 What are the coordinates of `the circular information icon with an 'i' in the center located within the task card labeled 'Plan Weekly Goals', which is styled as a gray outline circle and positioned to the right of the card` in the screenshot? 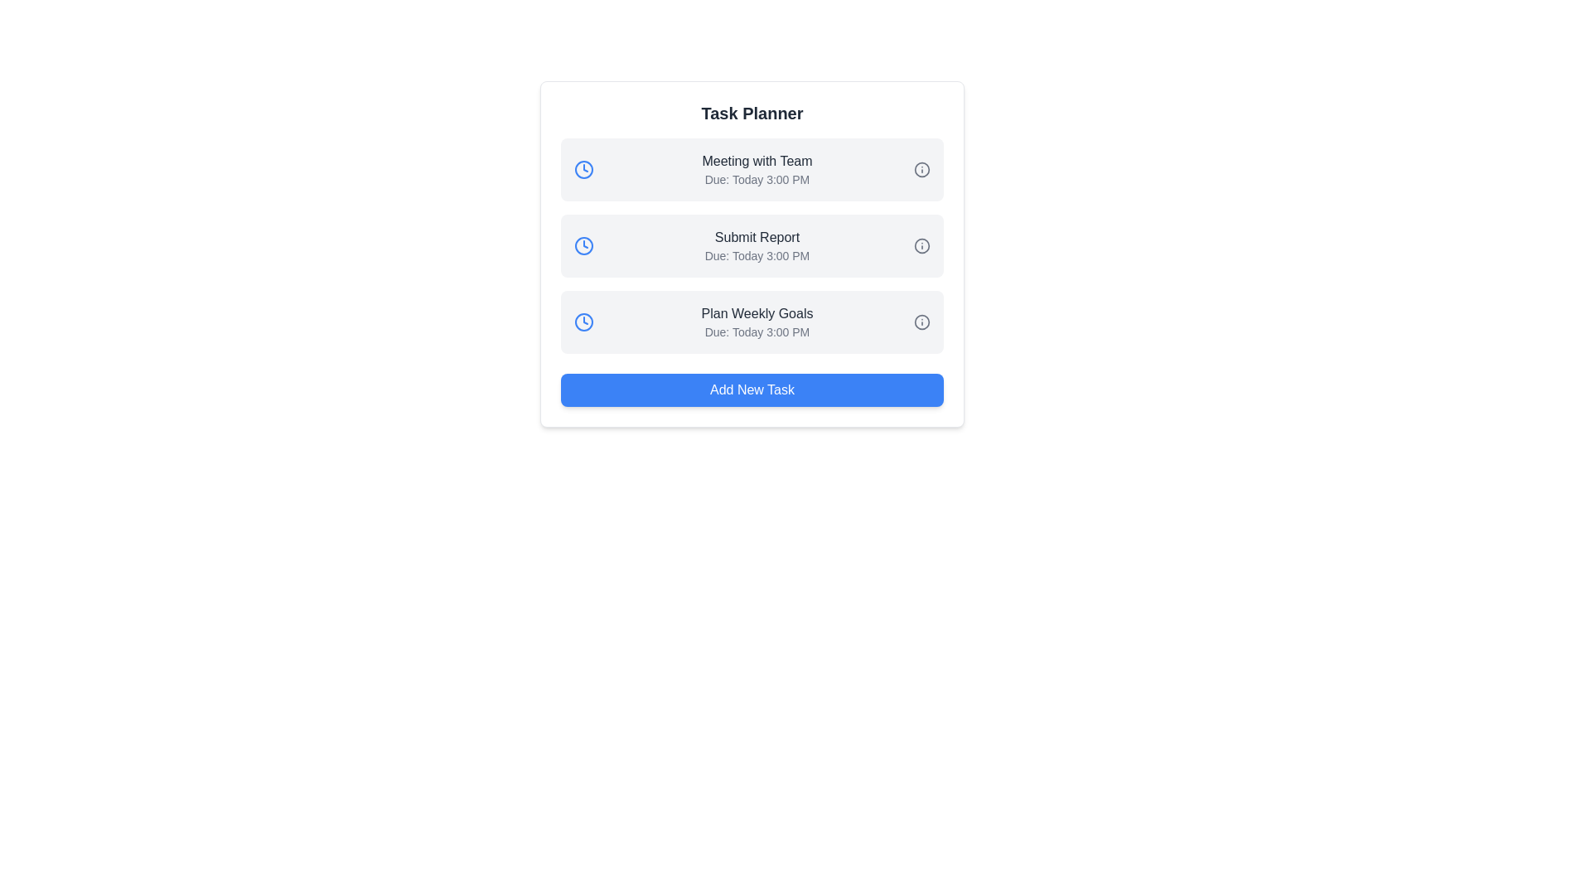 It's located at (917, 322).